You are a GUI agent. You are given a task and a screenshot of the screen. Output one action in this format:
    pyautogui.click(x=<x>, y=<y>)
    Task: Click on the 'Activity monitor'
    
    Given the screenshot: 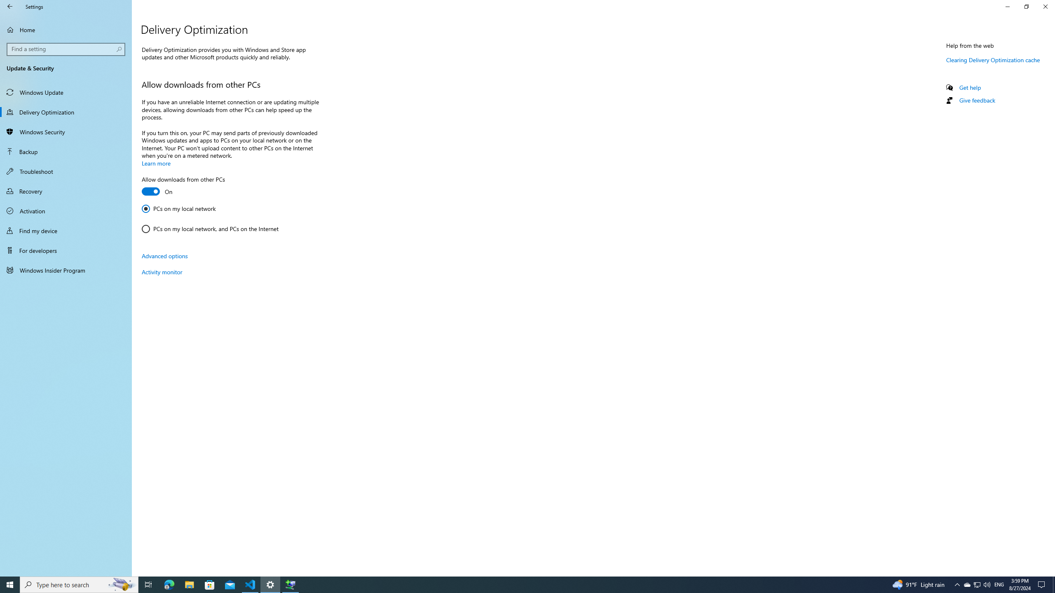 What is the action you would take?
    pyautogui.click(x=161, y=271)
    